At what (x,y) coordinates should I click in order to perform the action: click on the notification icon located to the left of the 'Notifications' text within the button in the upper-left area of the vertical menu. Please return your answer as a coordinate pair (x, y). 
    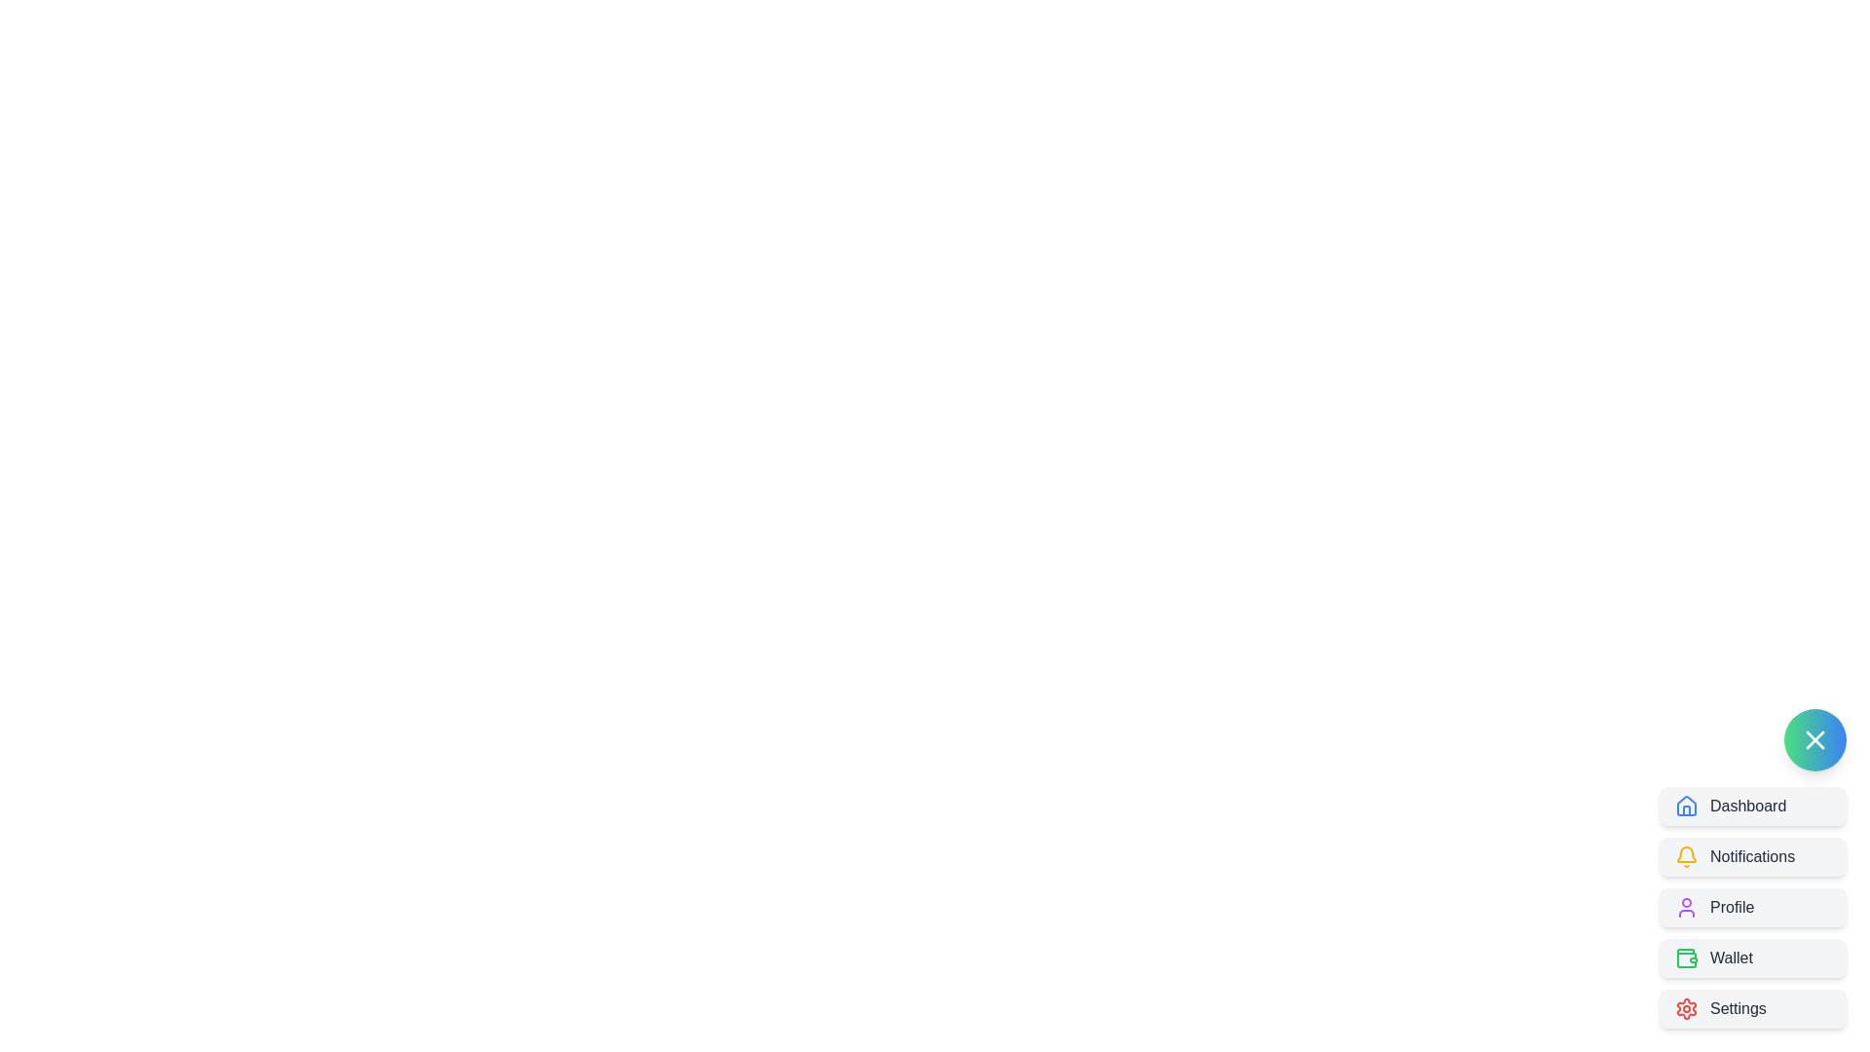
    Looking at the image, I should click on (1686, 855).